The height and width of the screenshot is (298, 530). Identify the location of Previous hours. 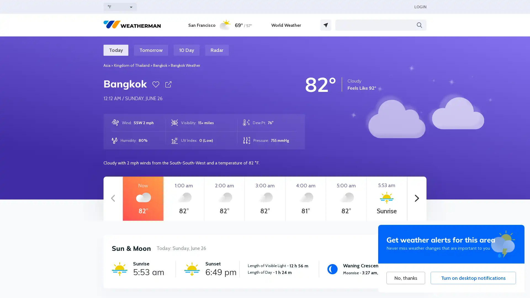
(113, 199).